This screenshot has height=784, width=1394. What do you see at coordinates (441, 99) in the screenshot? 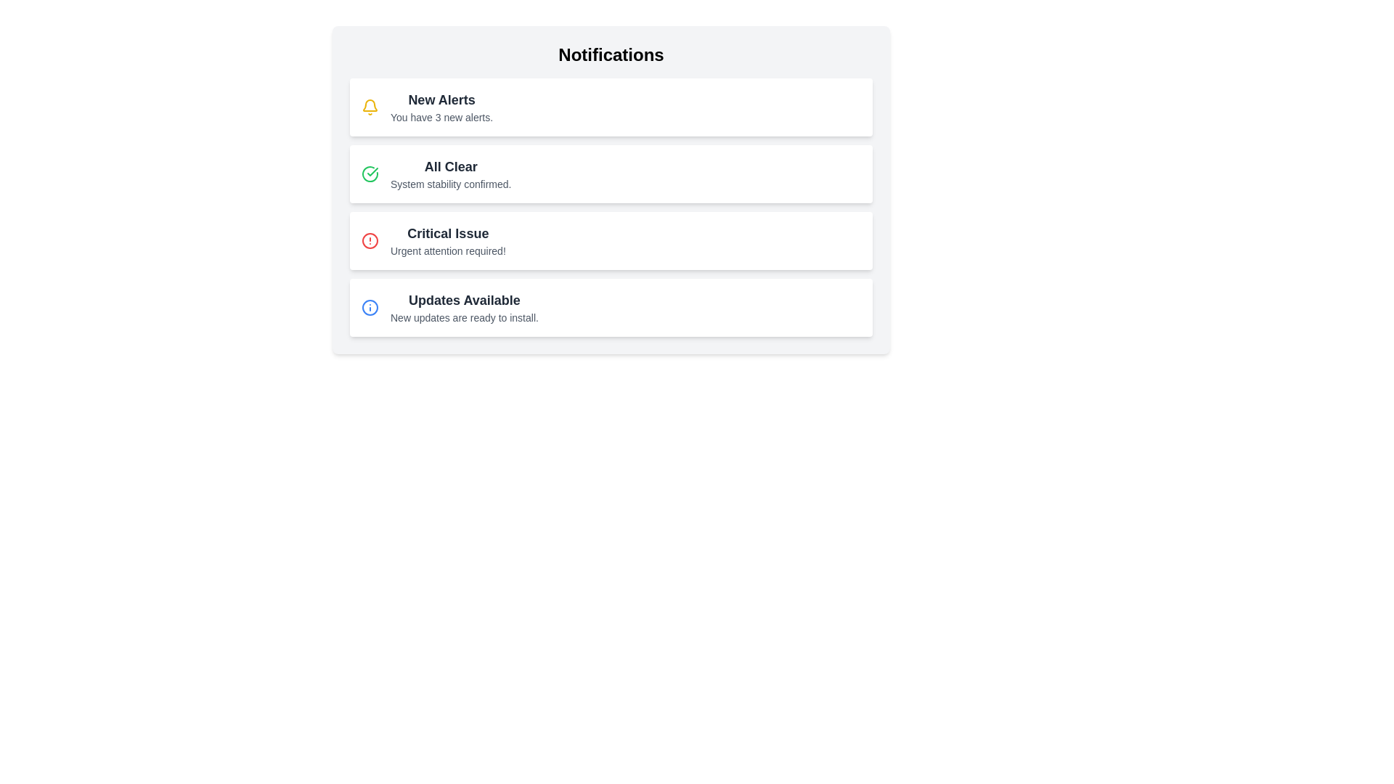
I see `text displayed in the title or headline of the notification item located at the top left corner of the notification card` at bounding box center [441, 99].